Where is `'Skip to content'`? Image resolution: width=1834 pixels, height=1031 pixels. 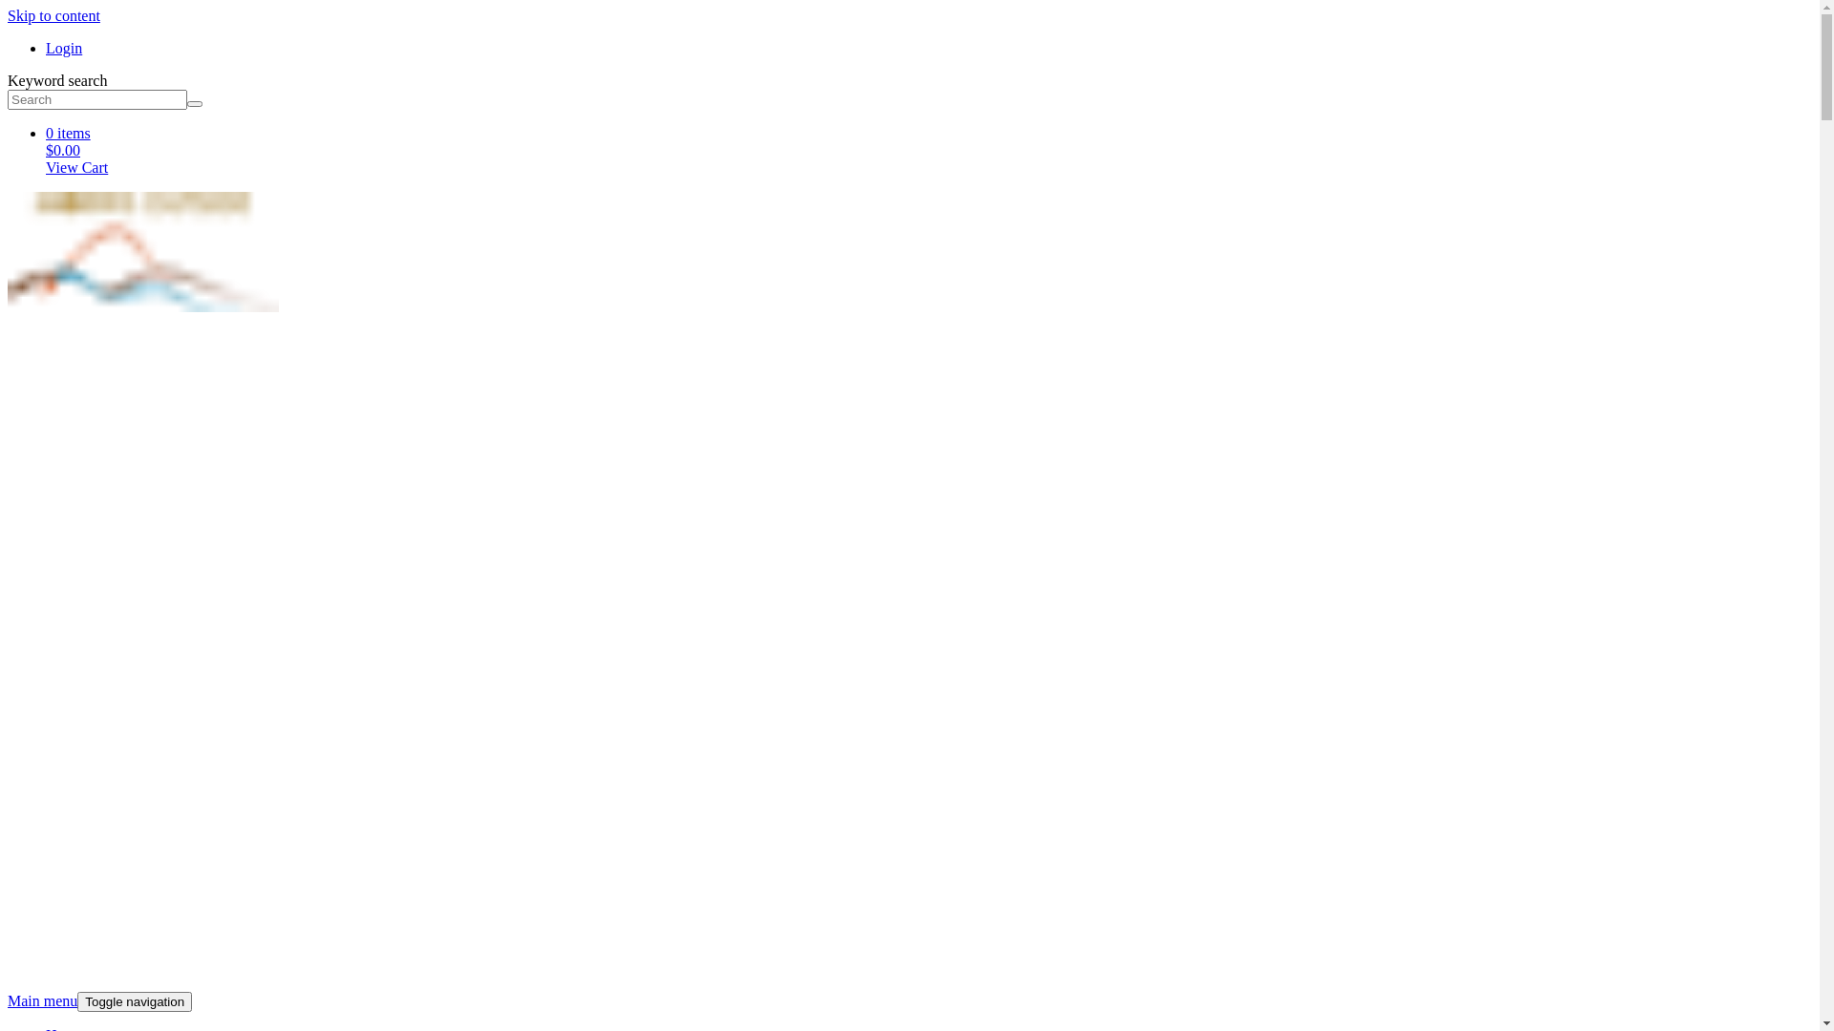
'Skip to content' is located at coordinates (53, 15).